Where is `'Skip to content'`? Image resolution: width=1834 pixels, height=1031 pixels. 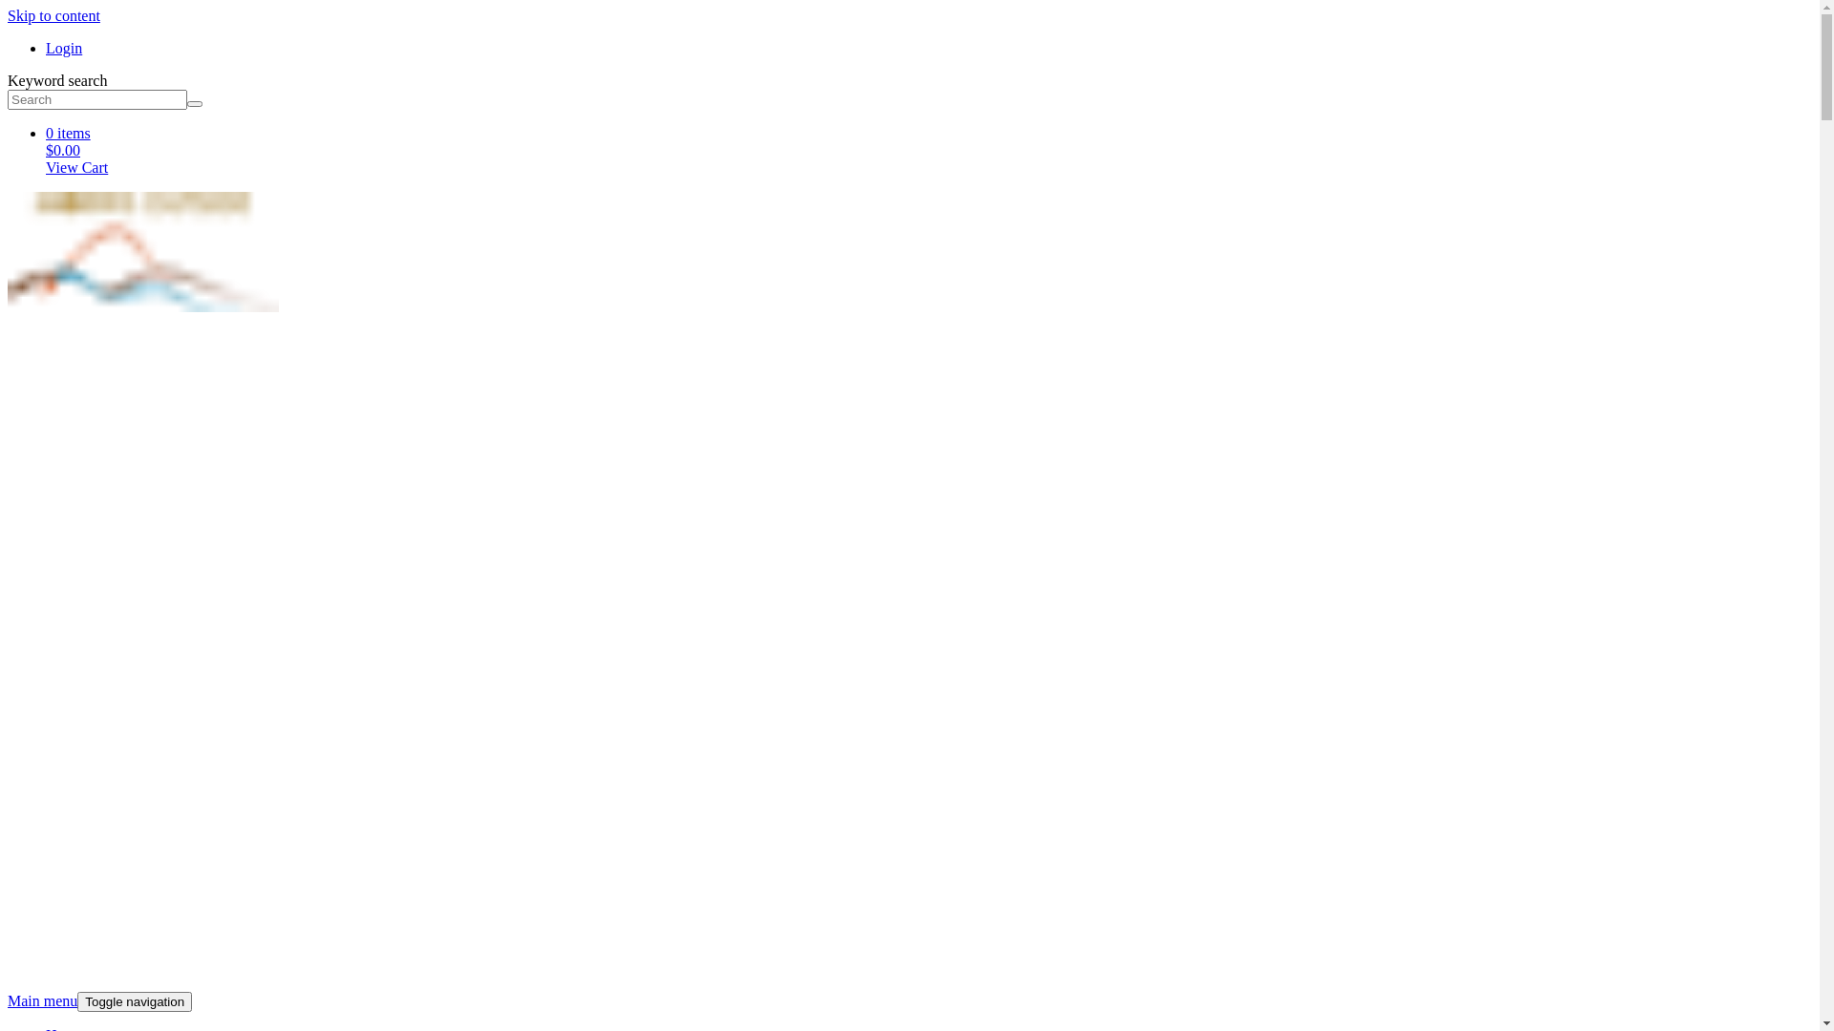
'Skip to content' is located at coordinates (53, 15).